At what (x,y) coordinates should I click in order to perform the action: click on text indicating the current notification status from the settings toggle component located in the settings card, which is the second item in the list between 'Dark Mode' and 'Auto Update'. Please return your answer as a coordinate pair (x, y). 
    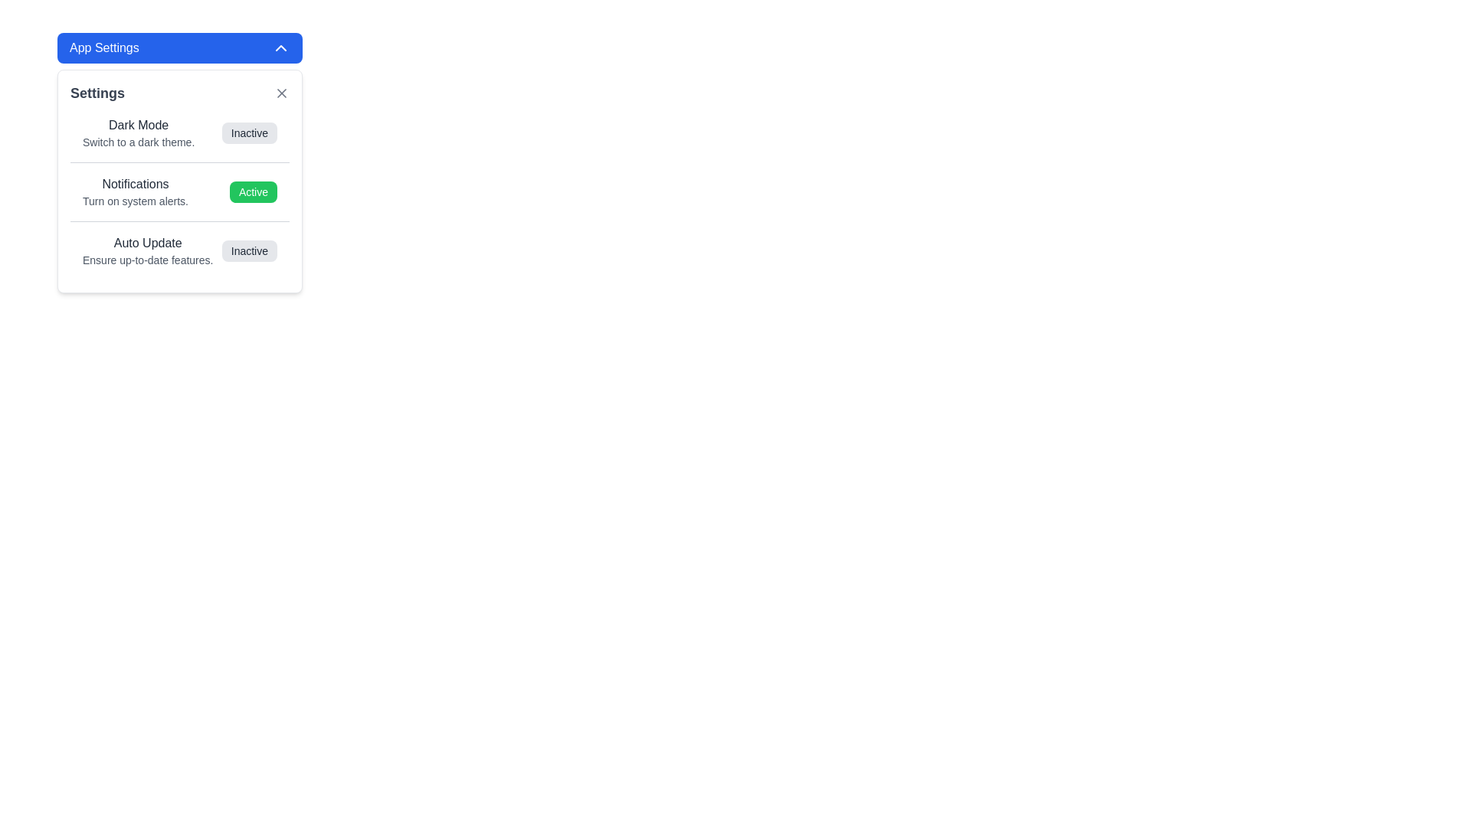
    Looking at the image, I should click on (180, 191).